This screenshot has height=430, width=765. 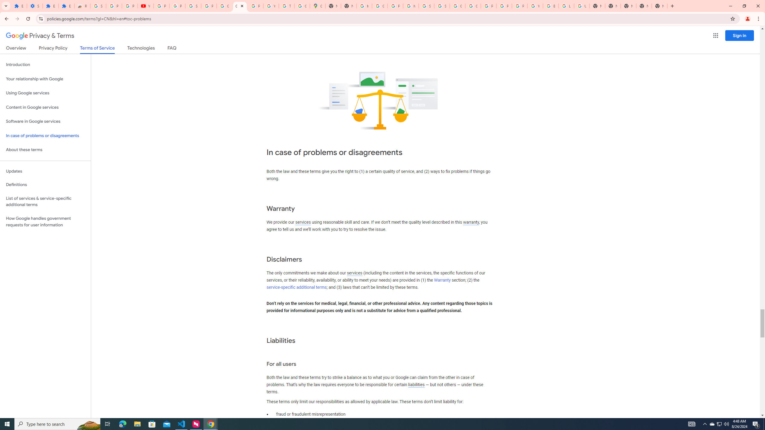 I want to click on 'Technologies', so click(x=141, y=49).